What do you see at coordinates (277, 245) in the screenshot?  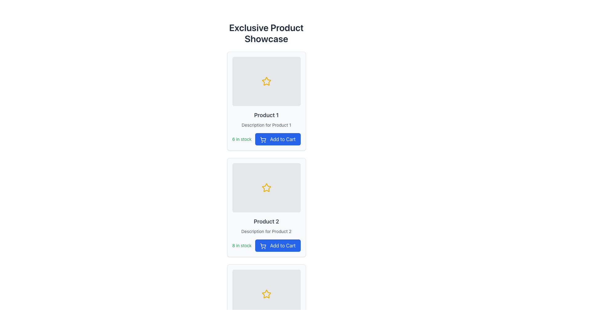 I see `the blue 'Add to Cart' button with bold white text located at the bottom-right corner of the 'Product 2' card` at bounding box center [277, 245].